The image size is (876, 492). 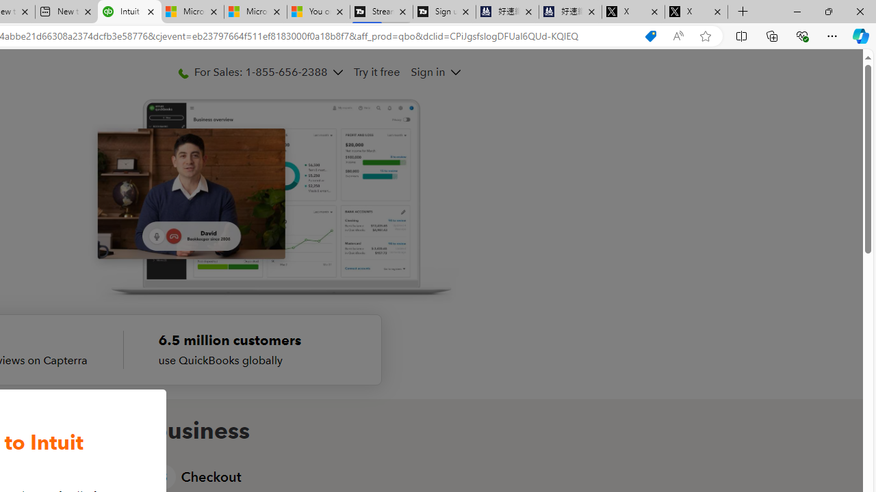 What do you see at coordinates (182, 74) in the screenshot?
I see `'PhoneIcon'` at bounding box center [182, 74].